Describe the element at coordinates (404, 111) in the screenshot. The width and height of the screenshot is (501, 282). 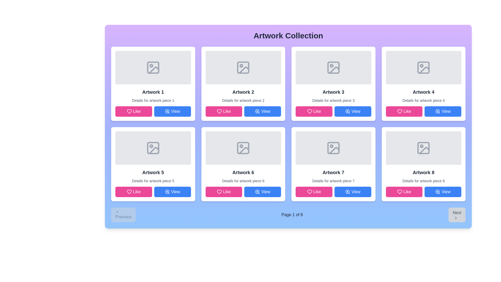
I see `the 'Like' button with a pink background and white text located in the bottom control panel of the fourth artwork card in the top row to like the artwork` at that location.